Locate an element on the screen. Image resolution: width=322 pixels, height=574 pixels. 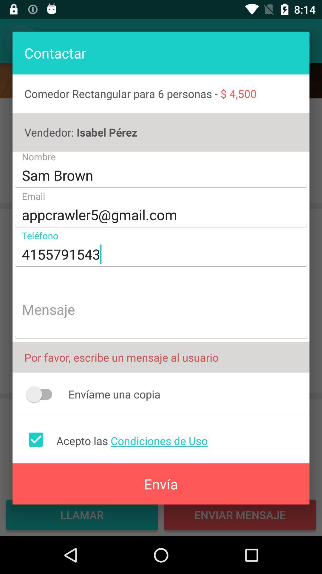
the sam brown is located at coordinates (161, 175).